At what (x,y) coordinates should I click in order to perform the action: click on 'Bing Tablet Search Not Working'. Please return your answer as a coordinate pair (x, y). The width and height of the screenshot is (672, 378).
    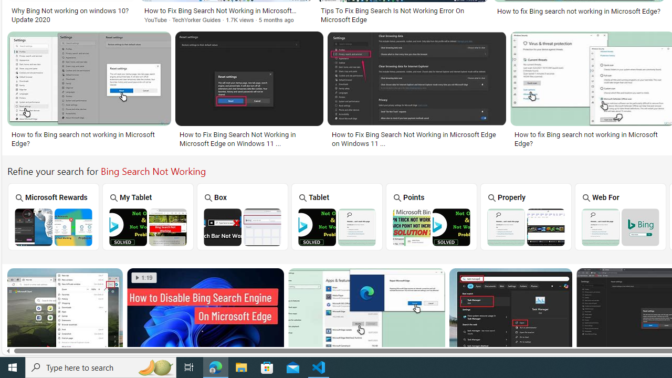
    Looking at the image, I should click on (337, 226).